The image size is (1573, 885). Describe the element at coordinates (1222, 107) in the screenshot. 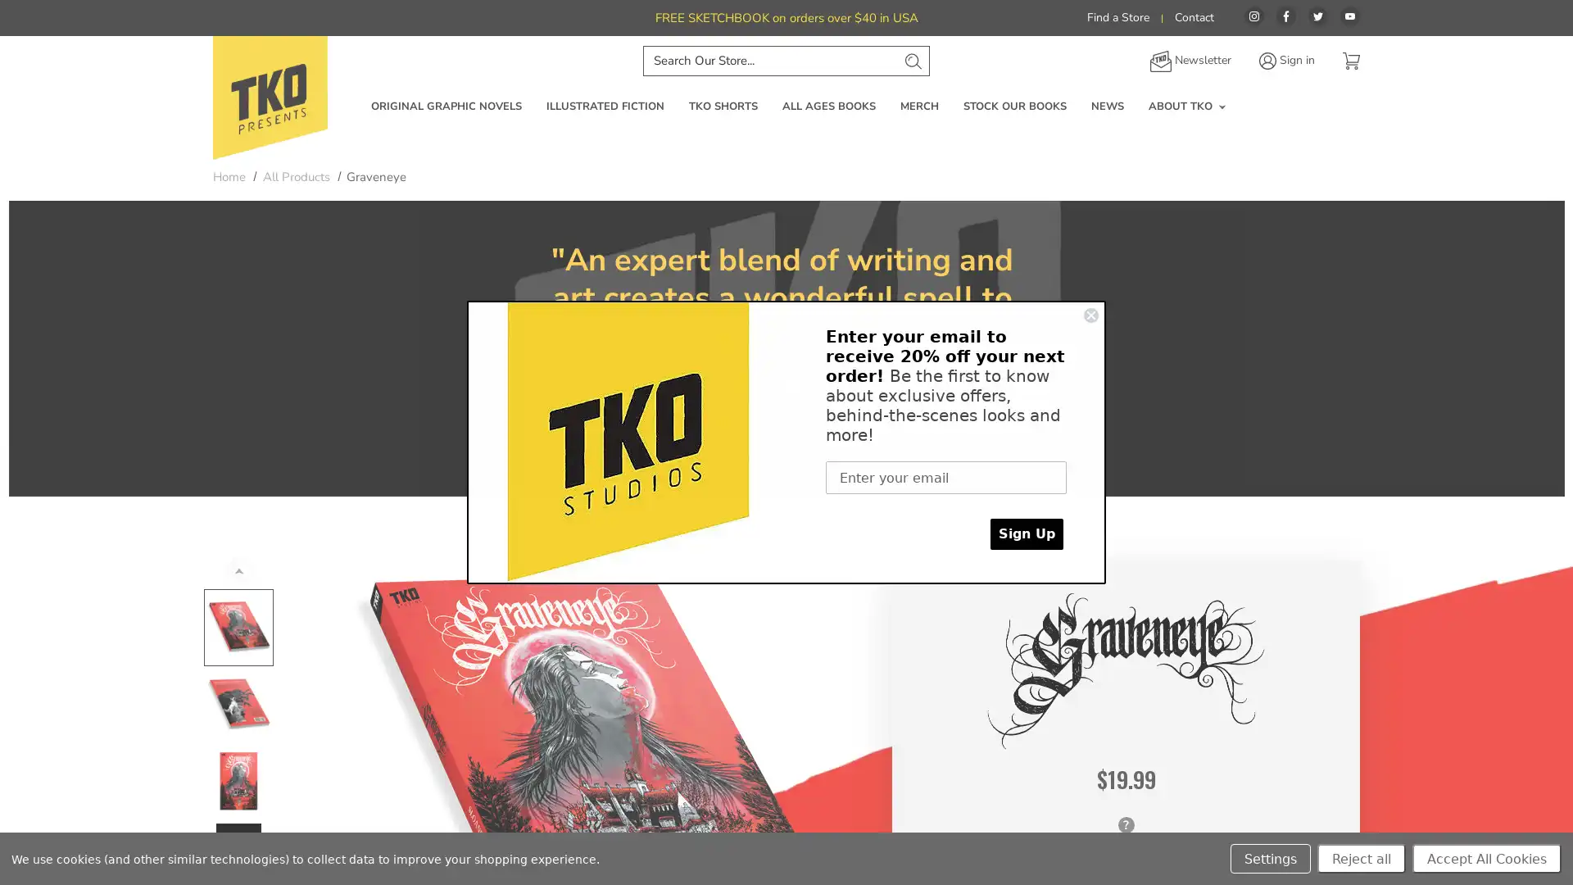

I see `Open About TKO Submenu` at that location.